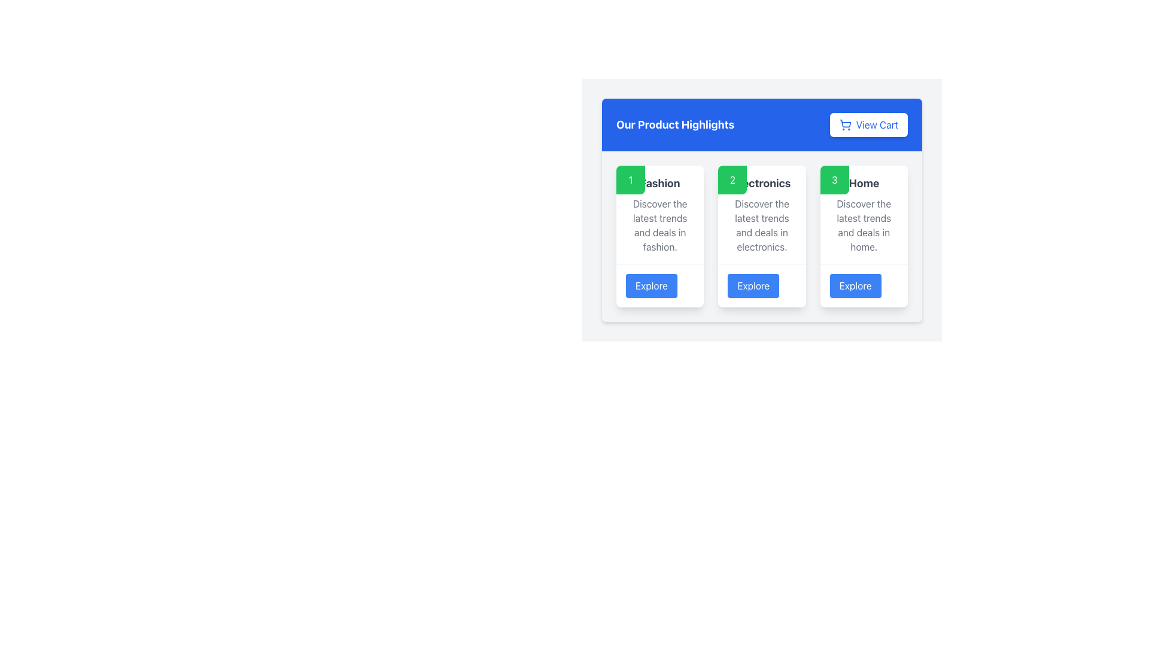  I want to click on paragraph of gray text that states 'Discover the latest trends and deals in home.' located centrally within the 'Home' card, so click(864, 226).